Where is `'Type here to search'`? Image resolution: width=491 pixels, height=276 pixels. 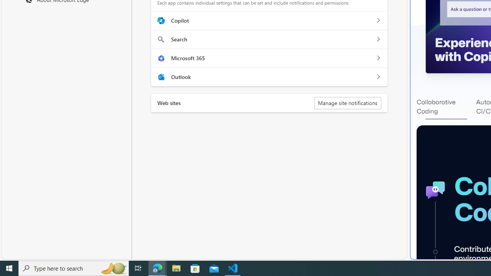 'Type here to search' is located at coordinates (74, 268).